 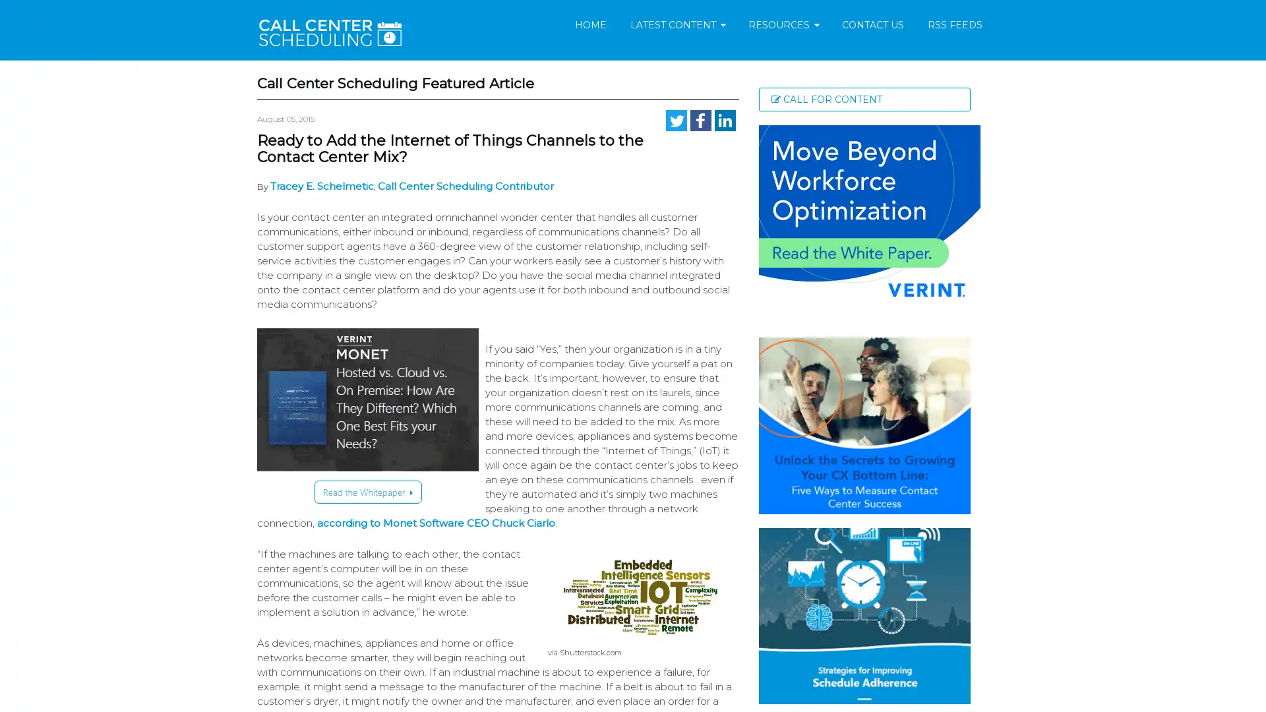 What do you see at coordinates (699, 120) in the screenshot?
I see `Share to Facebook` at bounding box center [699, 120].